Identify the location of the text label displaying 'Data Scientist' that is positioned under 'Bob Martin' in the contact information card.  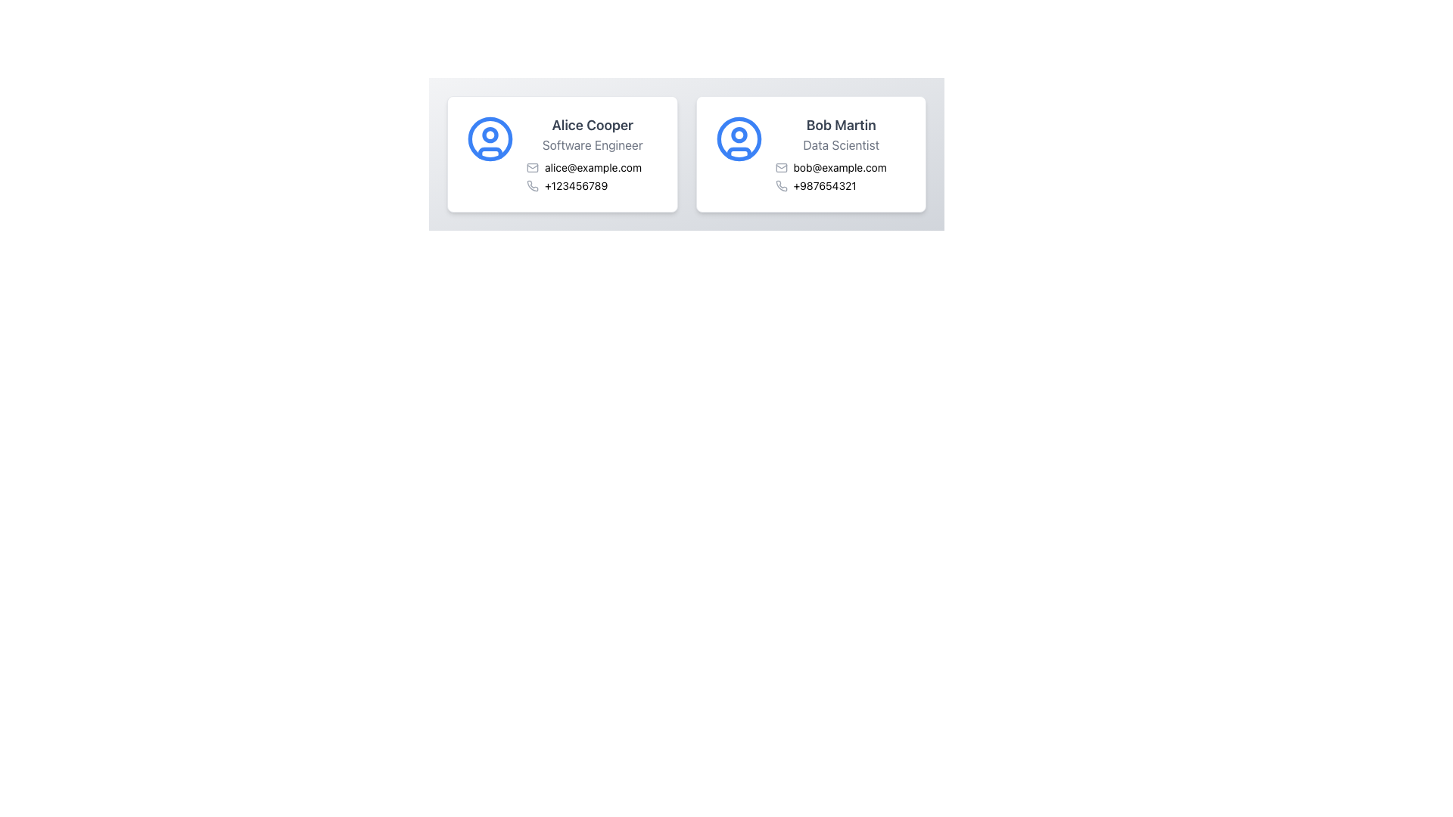
(840, 145).